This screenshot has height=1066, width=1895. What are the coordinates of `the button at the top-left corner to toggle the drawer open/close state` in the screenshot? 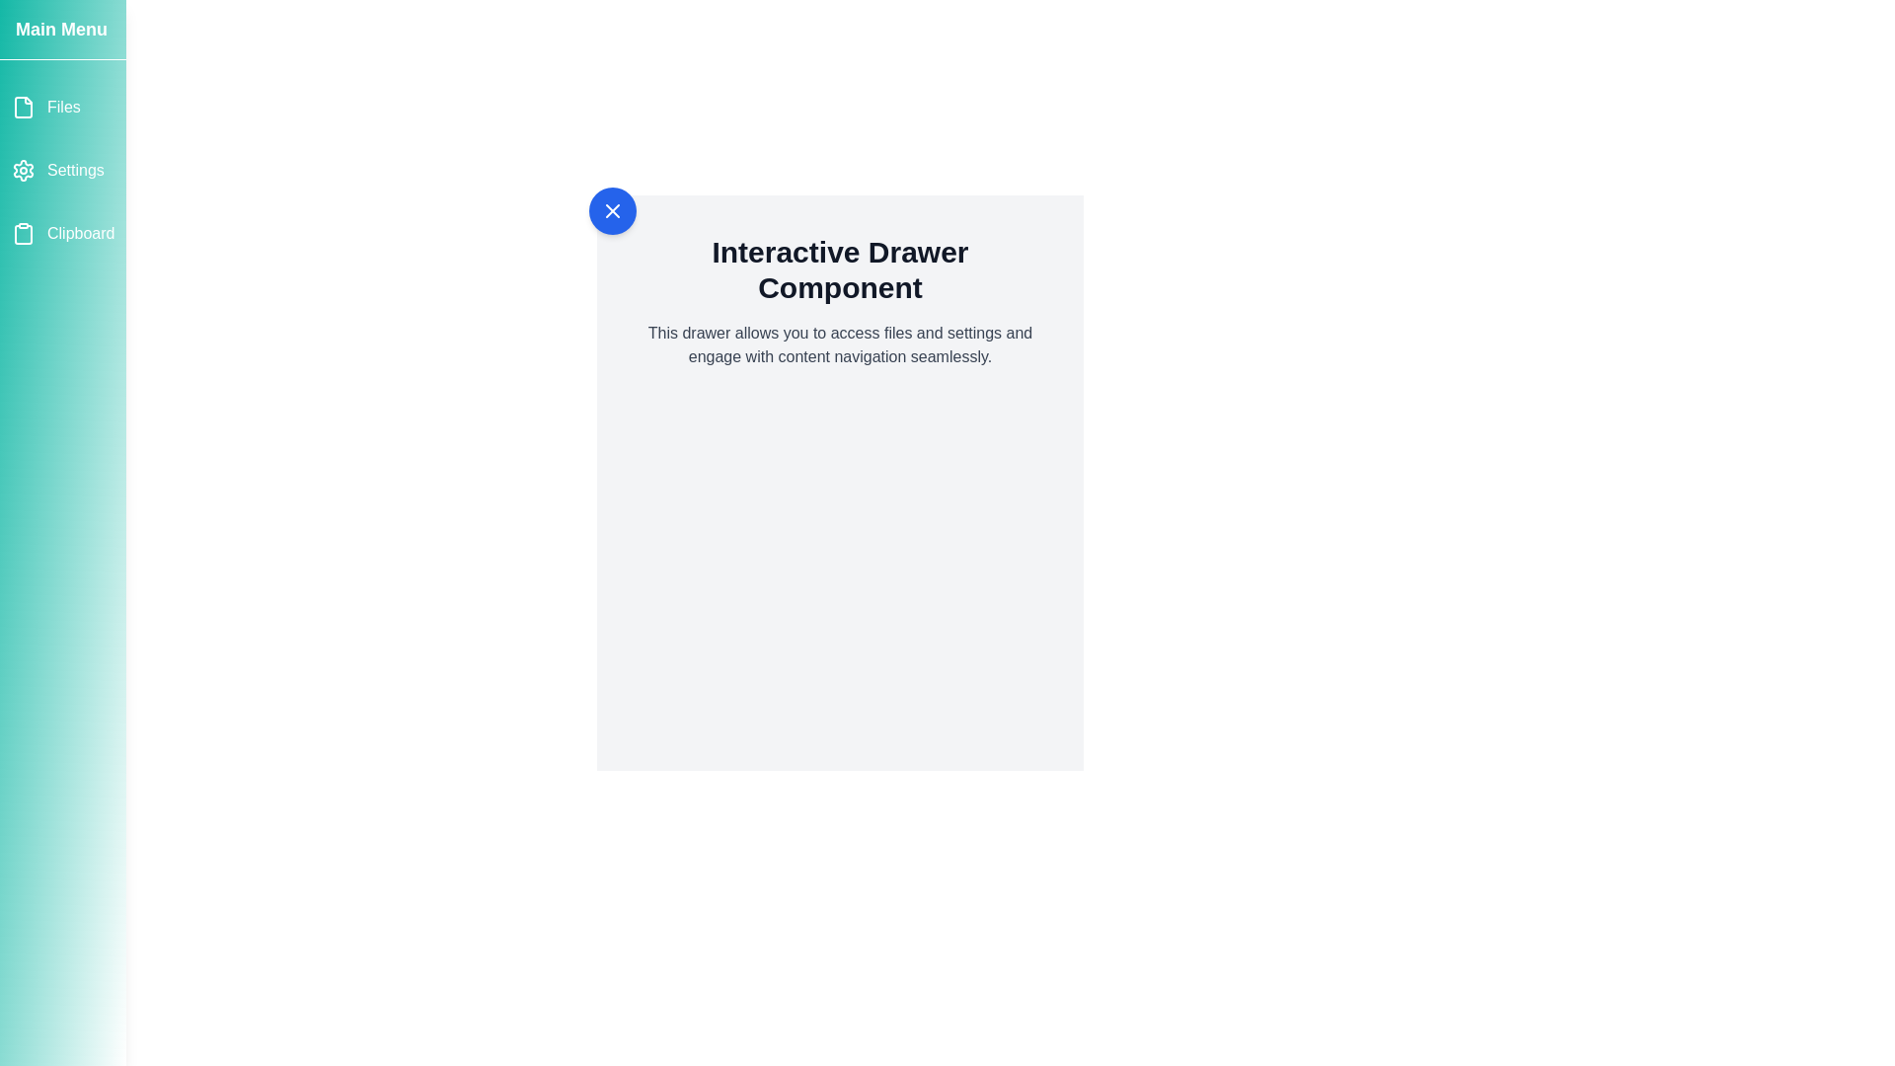 It's located at (611, 210).